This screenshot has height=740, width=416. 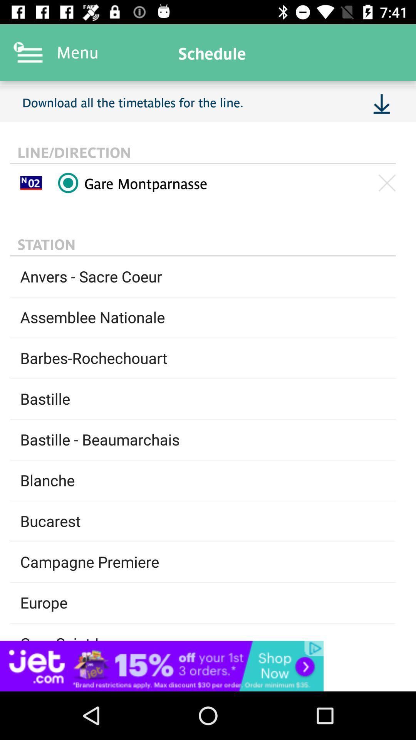 What do you see at coordinates (208, 666) in the screenshot?
I see `open advertisement` at bounding box center [208, 666].